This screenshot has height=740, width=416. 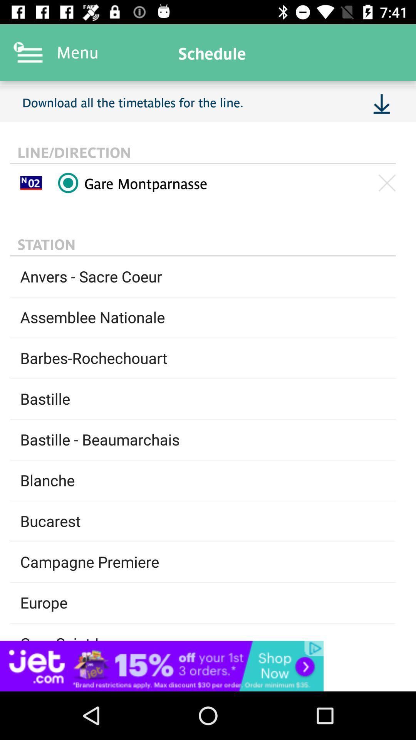 What do you see at coordinates (208, 666) in the screenshot?
I see `open advertisement` at bounding box center [208, 666].